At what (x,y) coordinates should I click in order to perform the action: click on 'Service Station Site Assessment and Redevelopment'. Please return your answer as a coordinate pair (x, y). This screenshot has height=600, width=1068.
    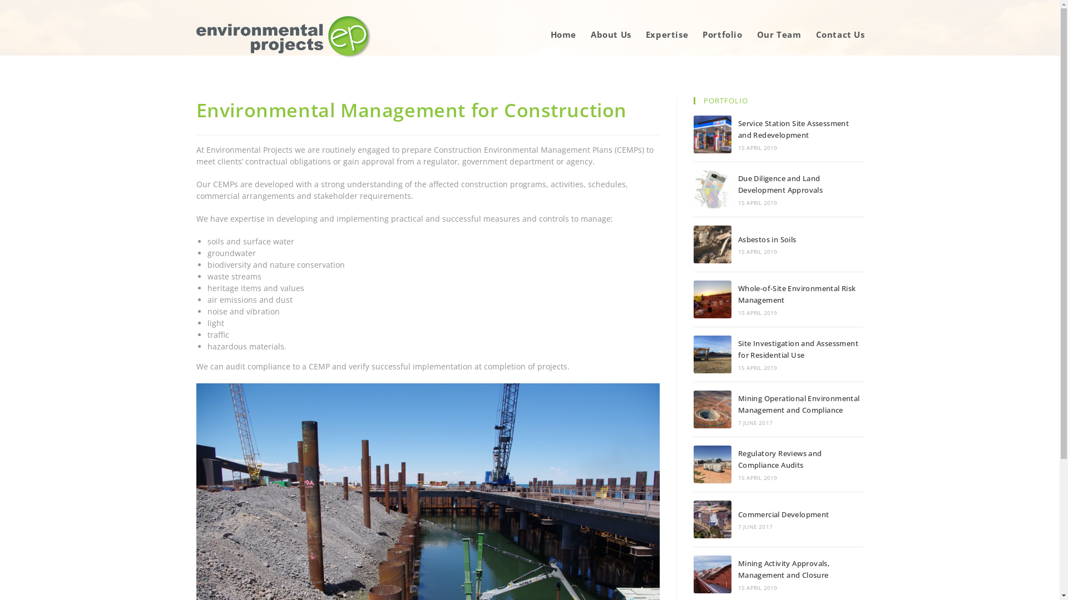
    Looking at the image, I should click on (712, 134).